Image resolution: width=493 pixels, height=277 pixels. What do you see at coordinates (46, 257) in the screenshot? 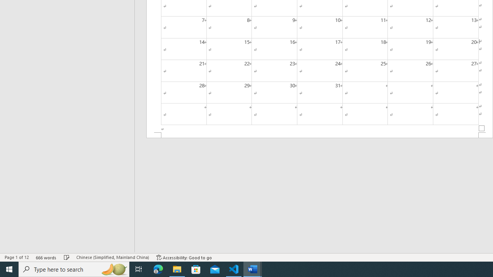
I see `'Word Count 666 words'` at bounding box center [46, 257].